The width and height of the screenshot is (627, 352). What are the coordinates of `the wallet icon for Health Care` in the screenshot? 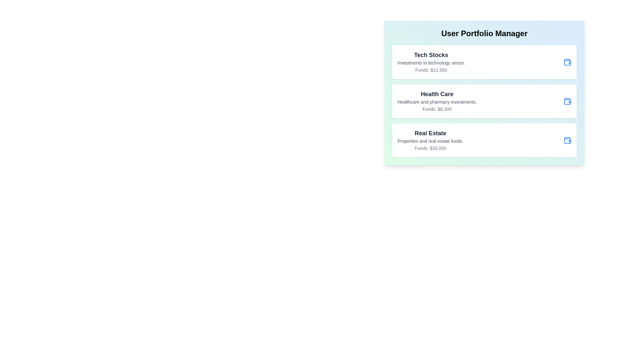 It's located at (567, 101).